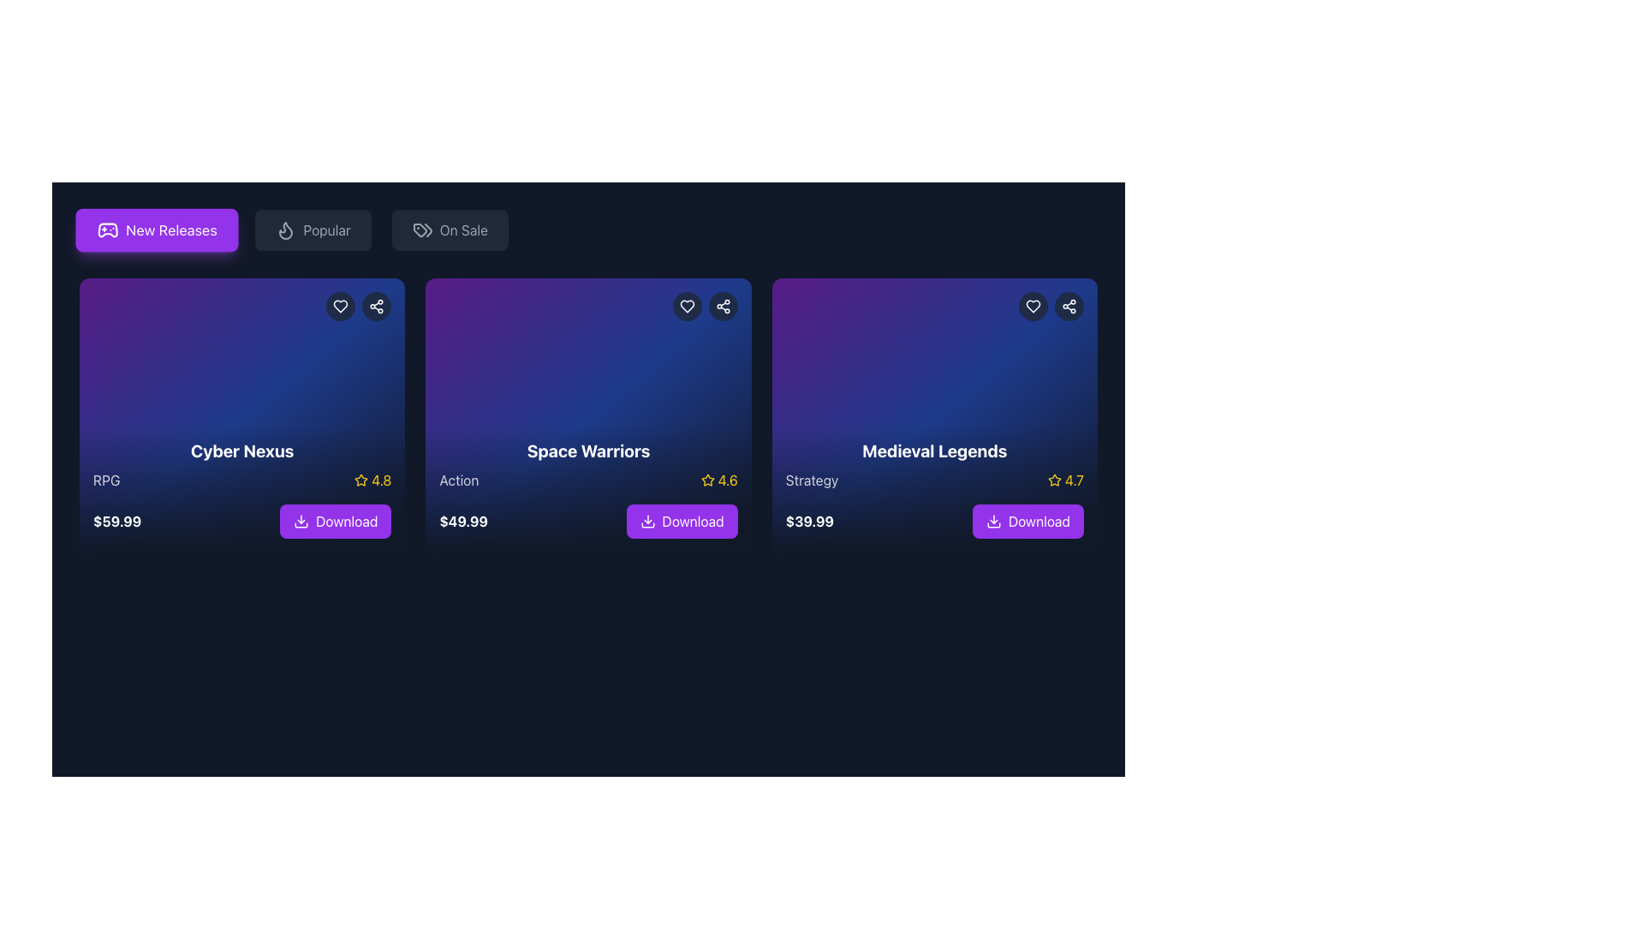 Image resolution: width=1644 pixels, height=925 pixels. Describe the element at coordinates (341, 306) in the screenshot. I see `the heart icon in the top-right corner of the 'Cyber Nexus' card` at that location.